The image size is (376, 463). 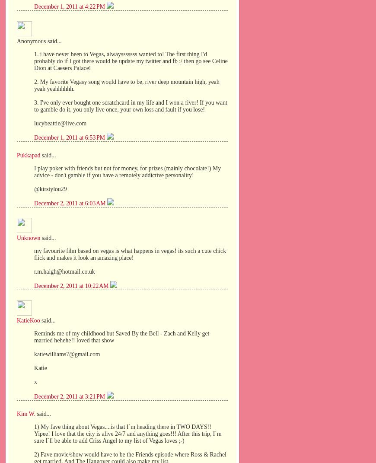 I want to click on 'December 2, 2011 at 10:22 AM', so click(x=71, y=285).